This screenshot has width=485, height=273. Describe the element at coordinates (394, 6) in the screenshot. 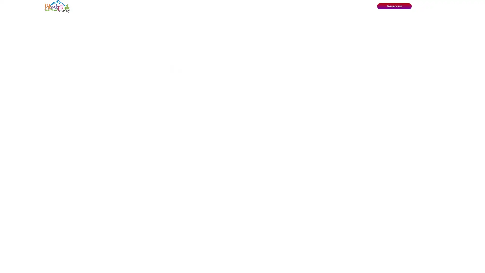

I see `Reservasi` at that location.